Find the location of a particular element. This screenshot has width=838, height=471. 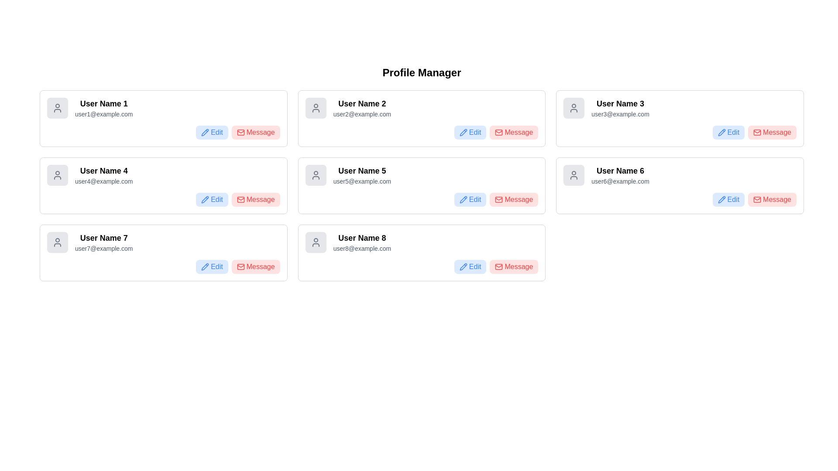

the text element displaying the email address 'user6@example.com', which is located below the 'User Name 6' text in the profile box is located at coordinates (620, 181).